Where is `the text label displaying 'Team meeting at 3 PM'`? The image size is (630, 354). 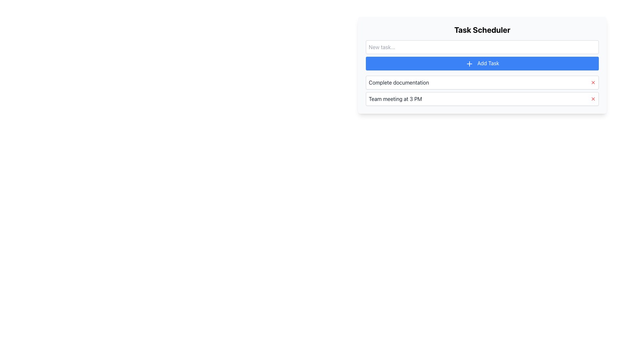 the text label displaying 'Team meeting at 3 PM' is located at coordinates (395, 99).